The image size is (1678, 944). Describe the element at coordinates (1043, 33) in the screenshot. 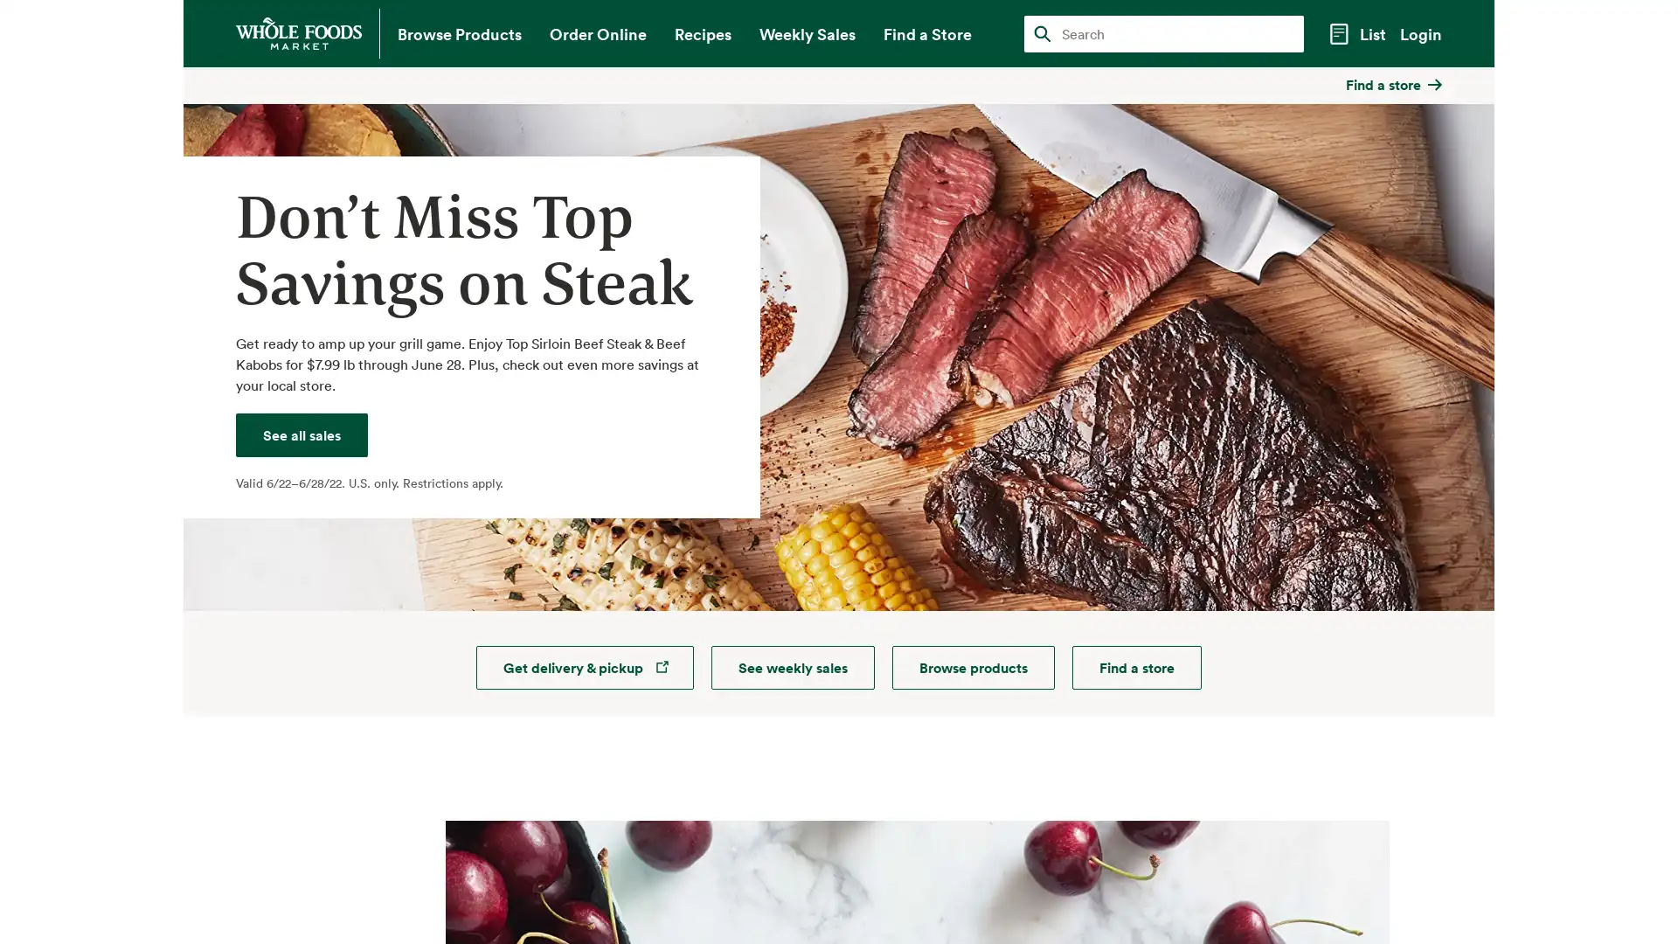

I see `Submit Search` at that location.